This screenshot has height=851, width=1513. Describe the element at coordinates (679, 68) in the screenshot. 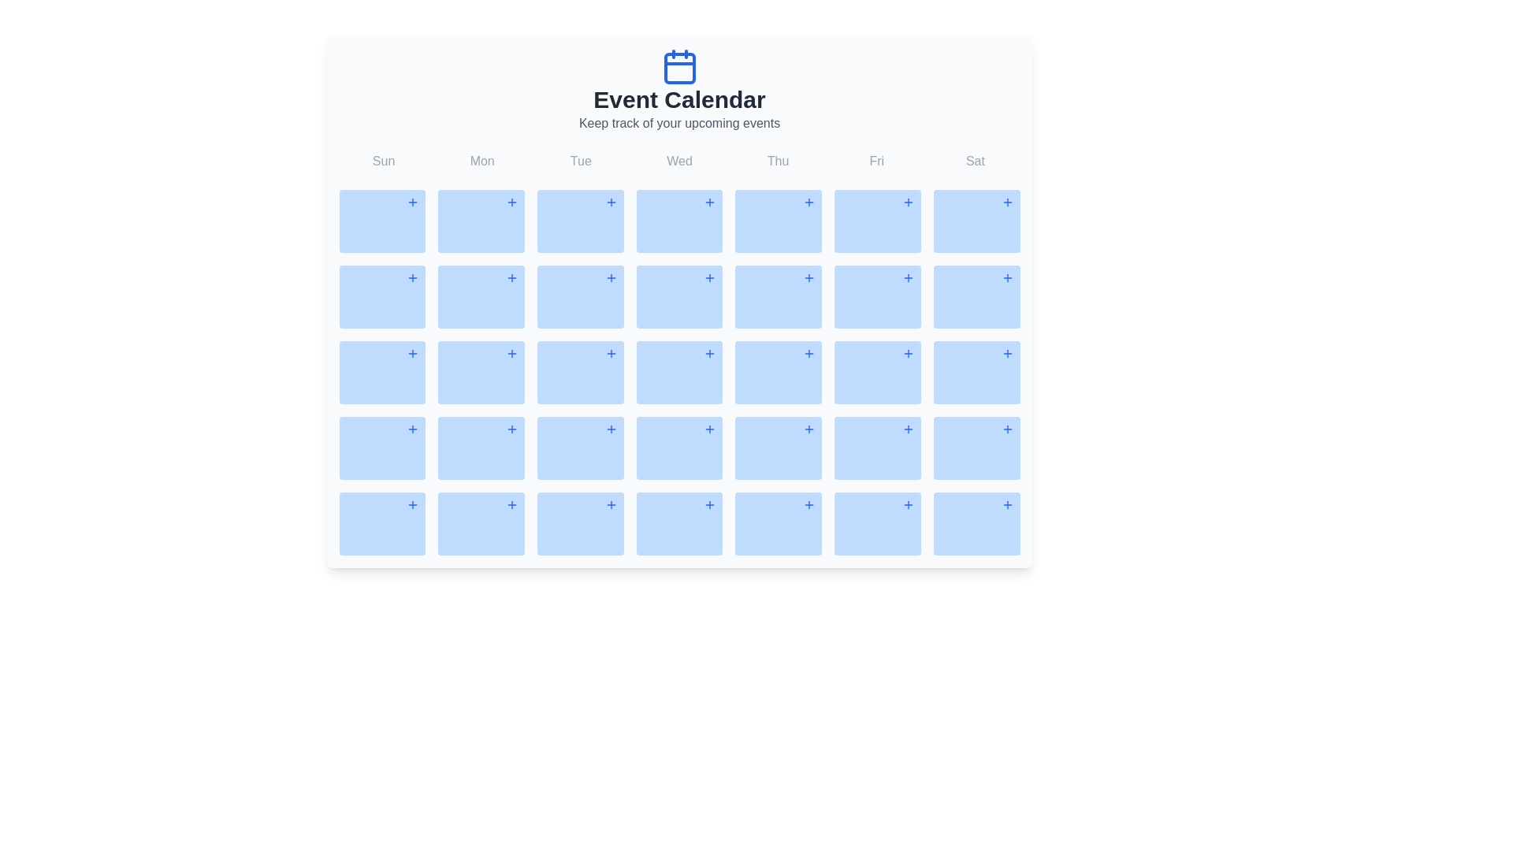

I see `the blue square with rounded corners that represents the inside area of the calendar icon, located at the top center of the interface` at that location.